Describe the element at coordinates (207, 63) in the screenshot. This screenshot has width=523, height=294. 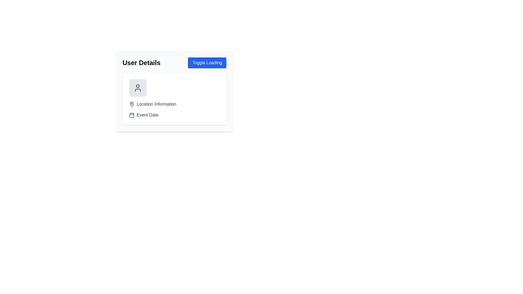
I see `the 'Toggle Loading' button` at that location.